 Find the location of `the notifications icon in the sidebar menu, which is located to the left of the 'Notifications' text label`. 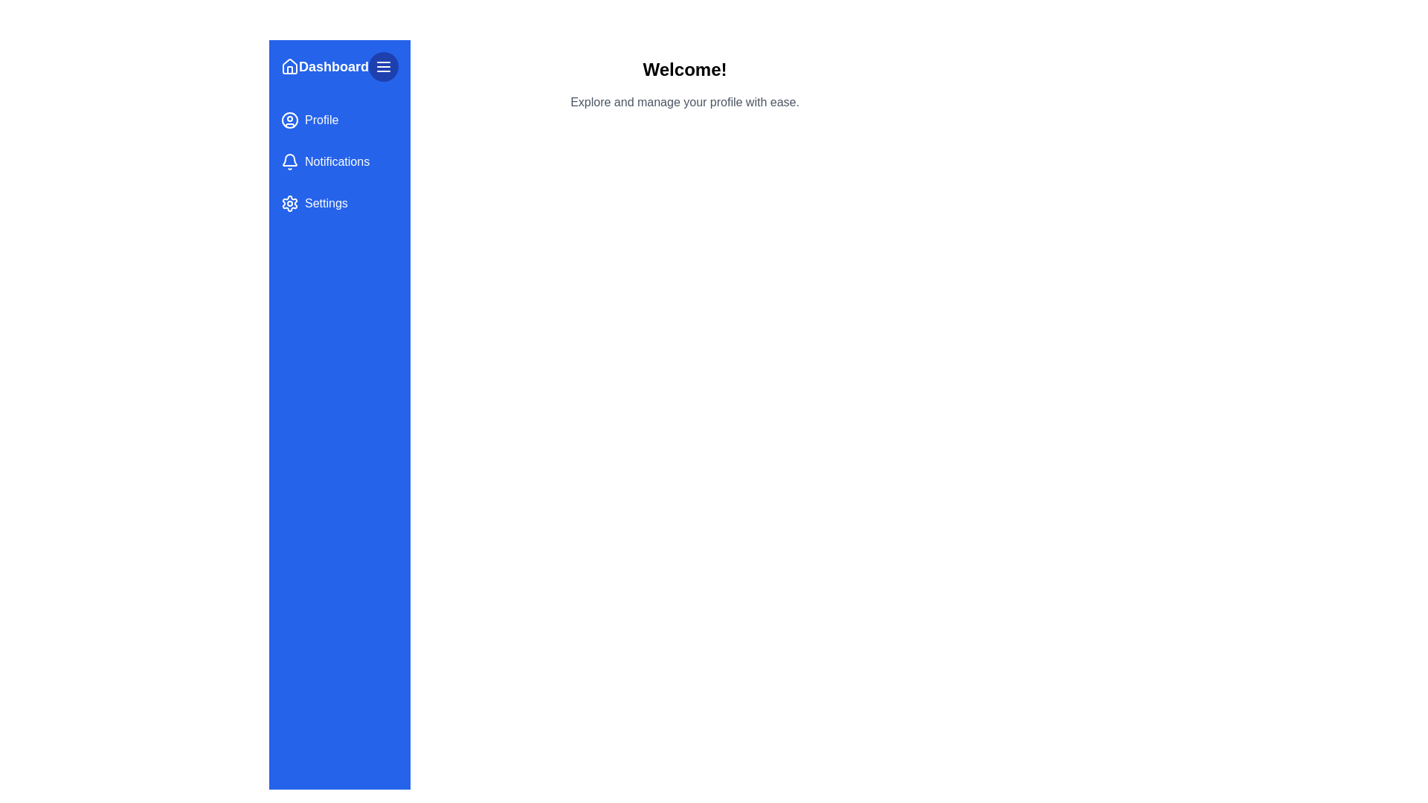

the notifications icon in the sidebar menu, which is located to the left of the 'Notifications' text label is located at coordinates (289, 160).